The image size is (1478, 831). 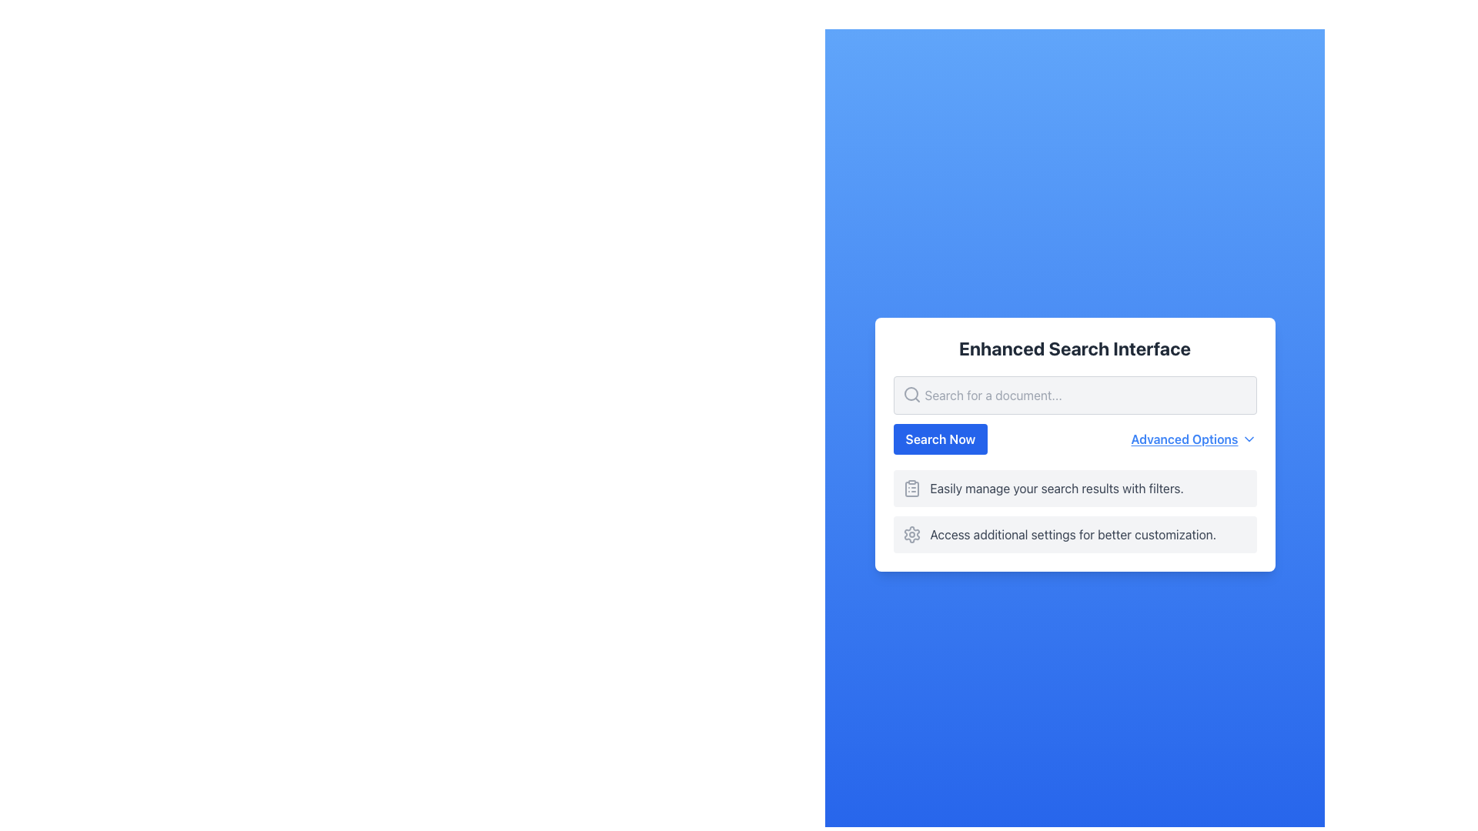 What do you see at coordinates (1056, 489) in the screenshot?
I see `the static text element that provides guidance in the search interface popup, located below the 'Search Now' button and to the right of the clipboard icon` at bounding box center [1056, 489].